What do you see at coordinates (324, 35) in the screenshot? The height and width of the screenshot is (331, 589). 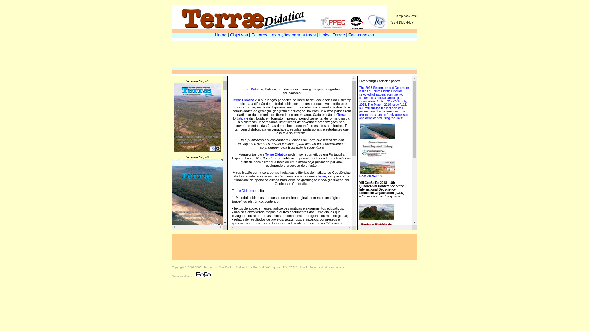 I see `'Links'` at bounding box center [324, 35].